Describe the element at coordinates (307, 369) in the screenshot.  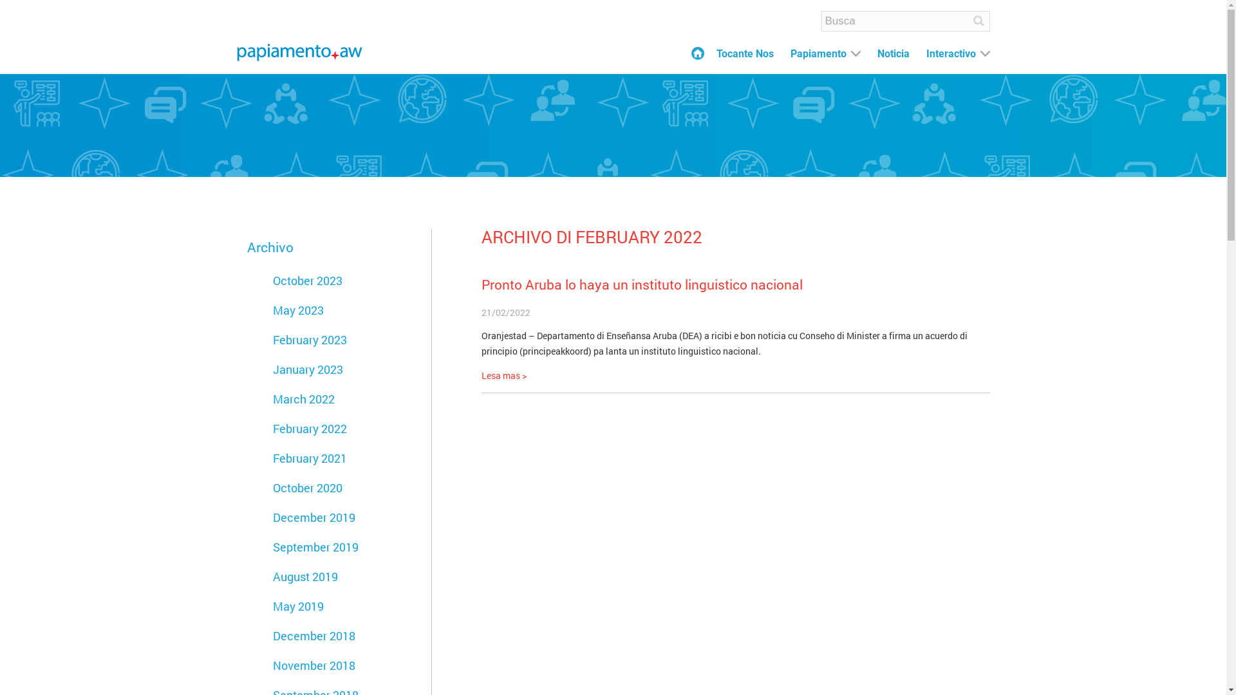
I see `'January 2023'` at that location.